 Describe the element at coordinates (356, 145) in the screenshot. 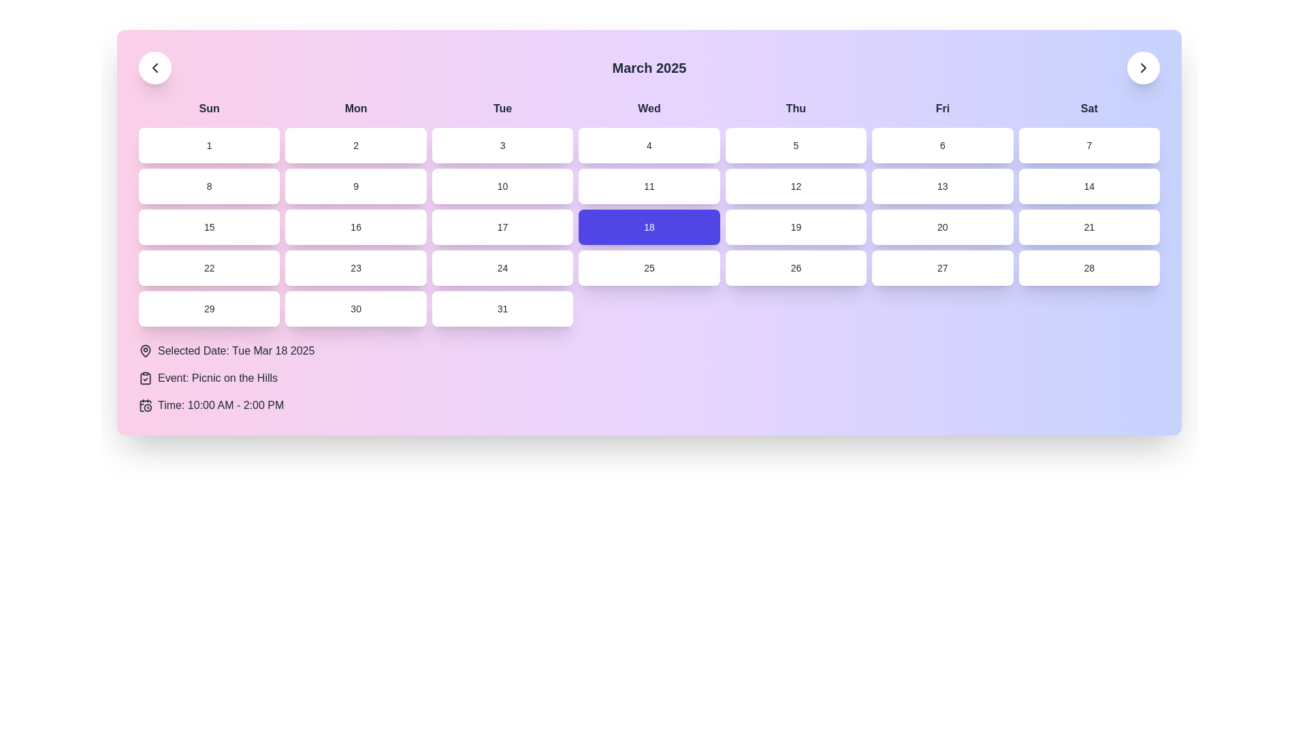

I see `the button labeled '2' which is the second button in the grid layout under the header 'Mon'` at that location.